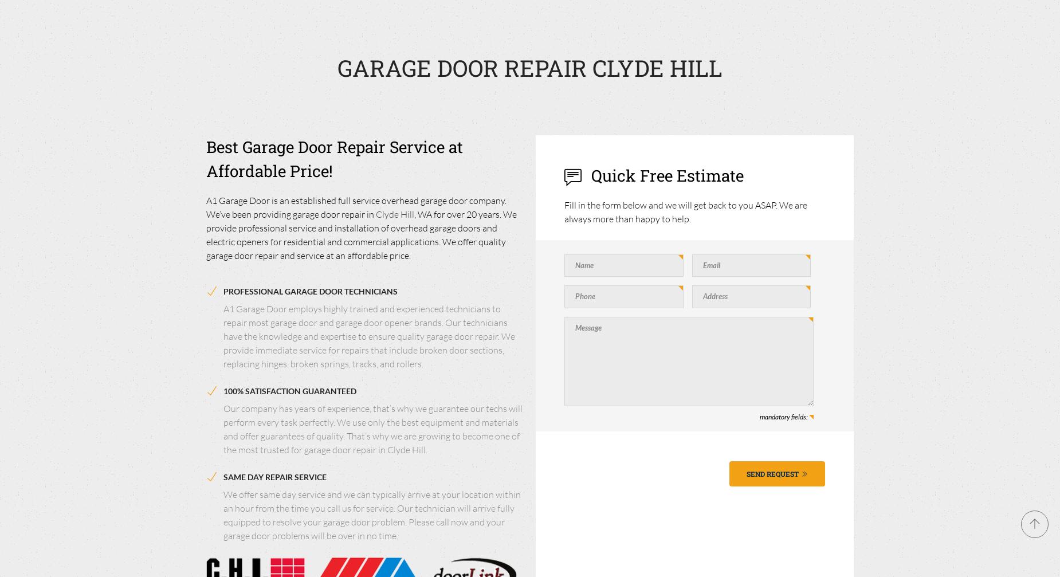  What do you see at coordinates (369, 335) in the screenshot?
I see `'A1 Garage Door employs highly trained and experienced technicians to repair most garage door and garage door opener brands. Our technicians have the knowledge and expertise to ensure quality garage door repair. We provide immediate service for repairs that include broken door sections, replacing hinges, broken springs, tracks, and rollers.'` at bounding box center [369, 335].